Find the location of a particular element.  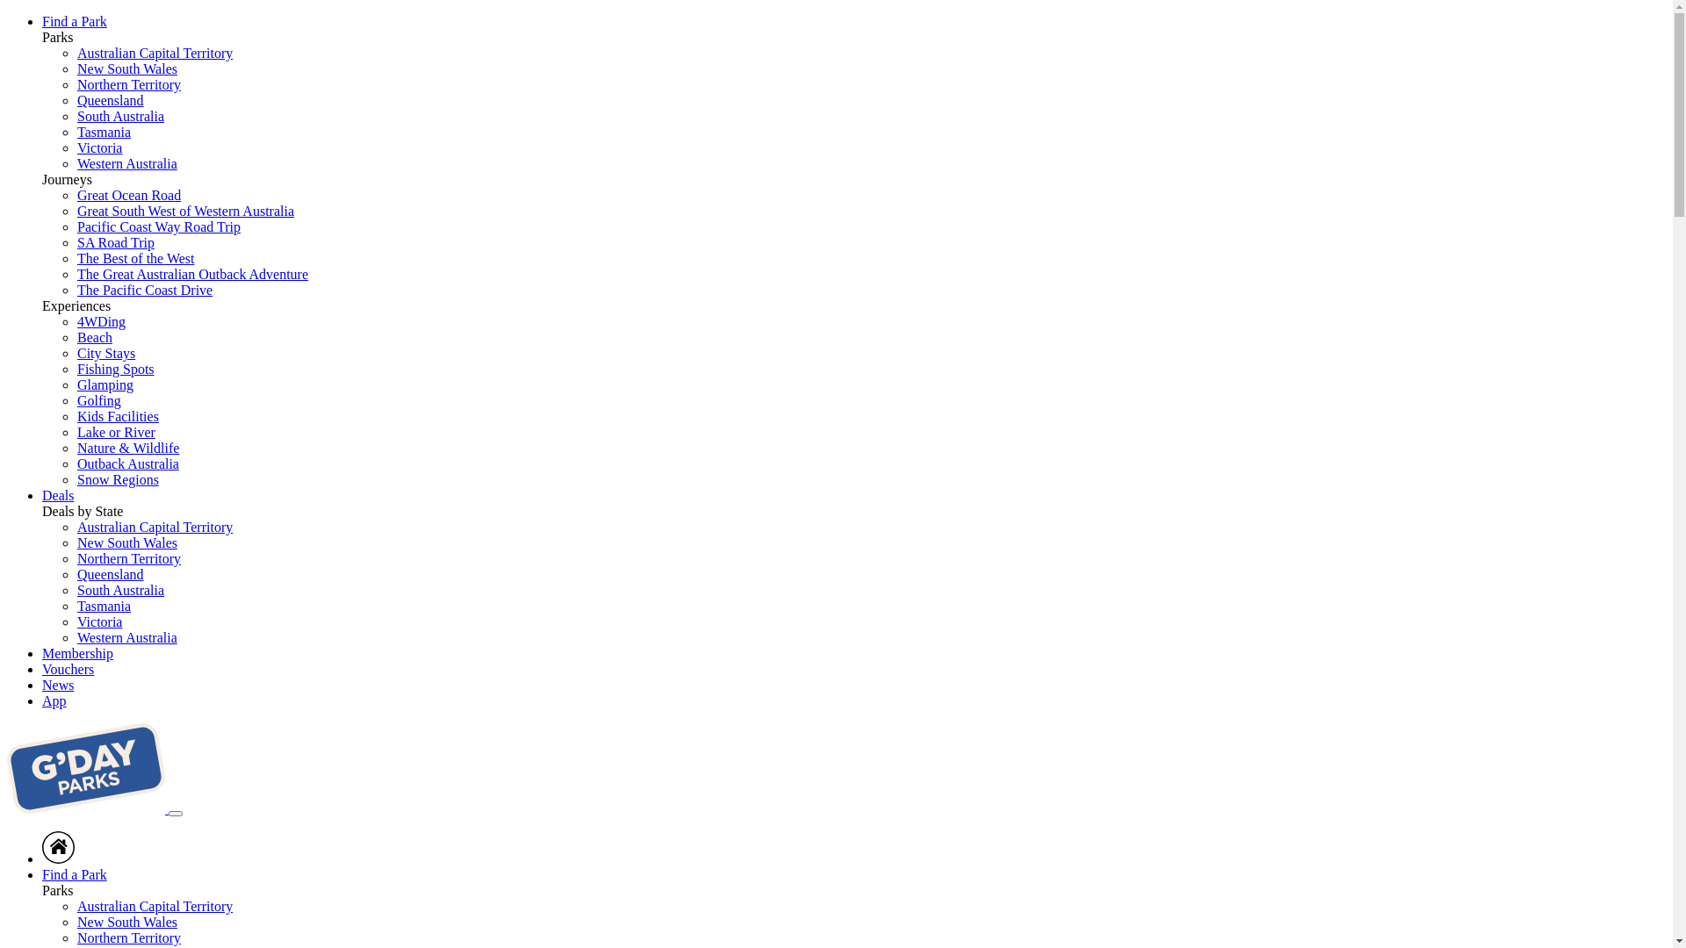

'Membership' is located at coordinates (42, 653).